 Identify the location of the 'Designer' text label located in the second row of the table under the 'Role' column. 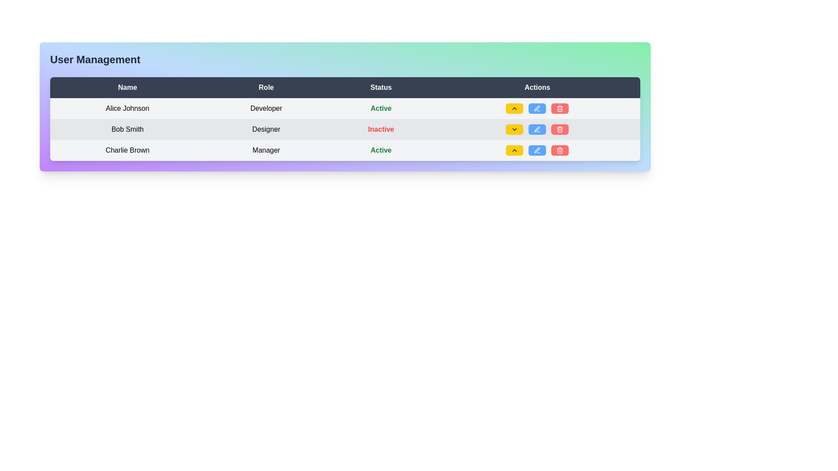
(266, 130).